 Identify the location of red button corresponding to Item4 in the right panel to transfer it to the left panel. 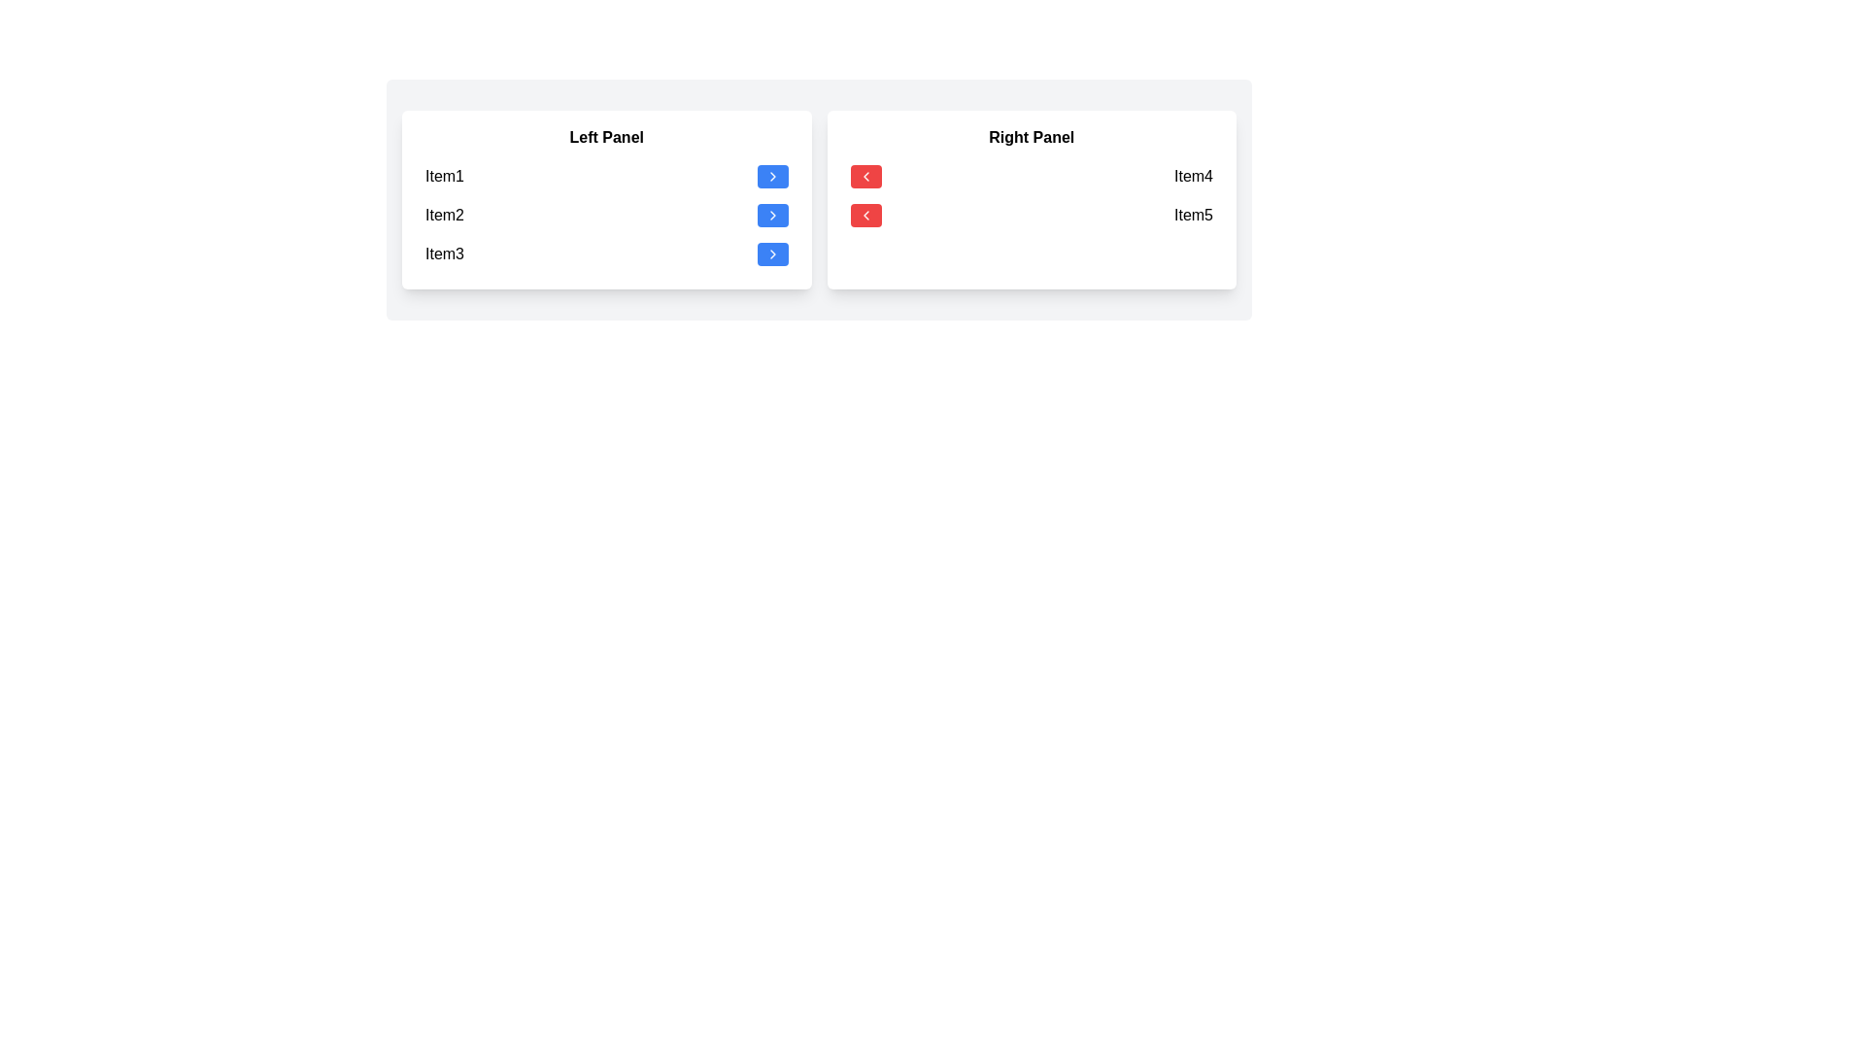
(865, 176).